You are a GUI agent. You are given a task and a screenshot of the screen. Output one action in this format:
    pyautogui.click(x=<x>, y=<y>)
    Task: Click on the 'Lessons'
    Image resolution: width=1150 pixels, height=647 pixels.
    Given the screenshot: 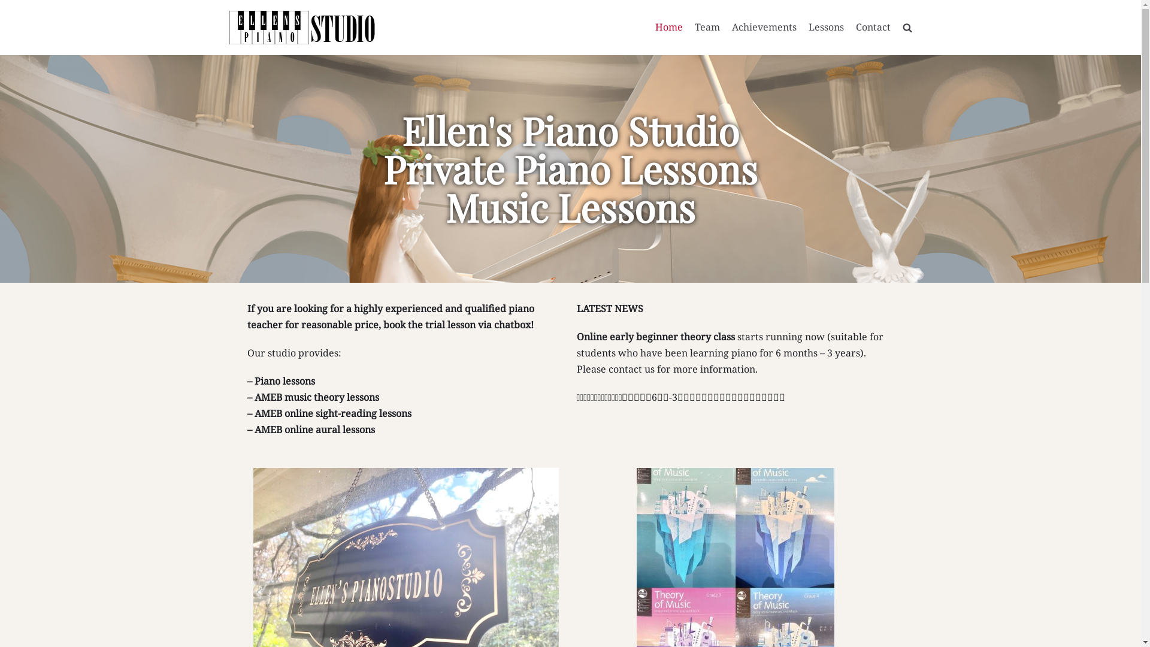 What is the action you would take?
    pyautogui.click(x=825, y=27)
    